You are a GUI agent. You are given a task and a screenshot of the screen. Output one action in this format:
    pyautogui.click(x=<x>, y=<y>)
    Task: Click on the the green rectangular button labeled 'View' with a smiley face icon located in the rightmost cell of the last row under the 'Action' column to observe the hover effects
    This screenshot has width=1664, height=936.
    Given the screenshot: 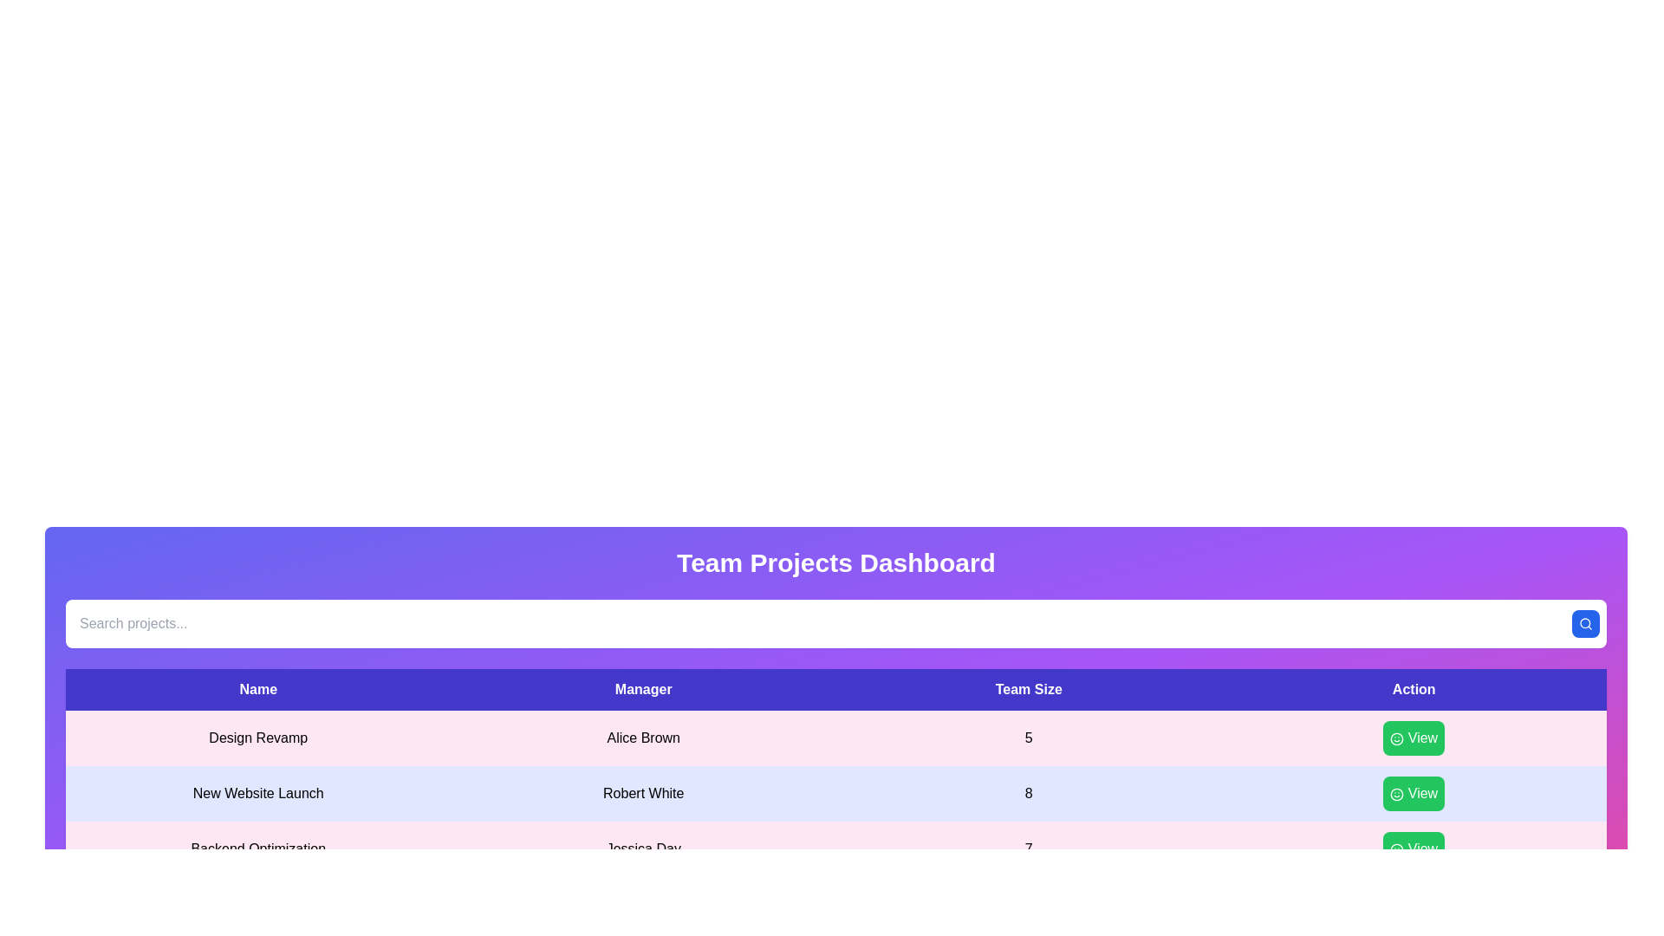 What is the action you would take?
    pyautogui.click(x=1414, y=848)
    